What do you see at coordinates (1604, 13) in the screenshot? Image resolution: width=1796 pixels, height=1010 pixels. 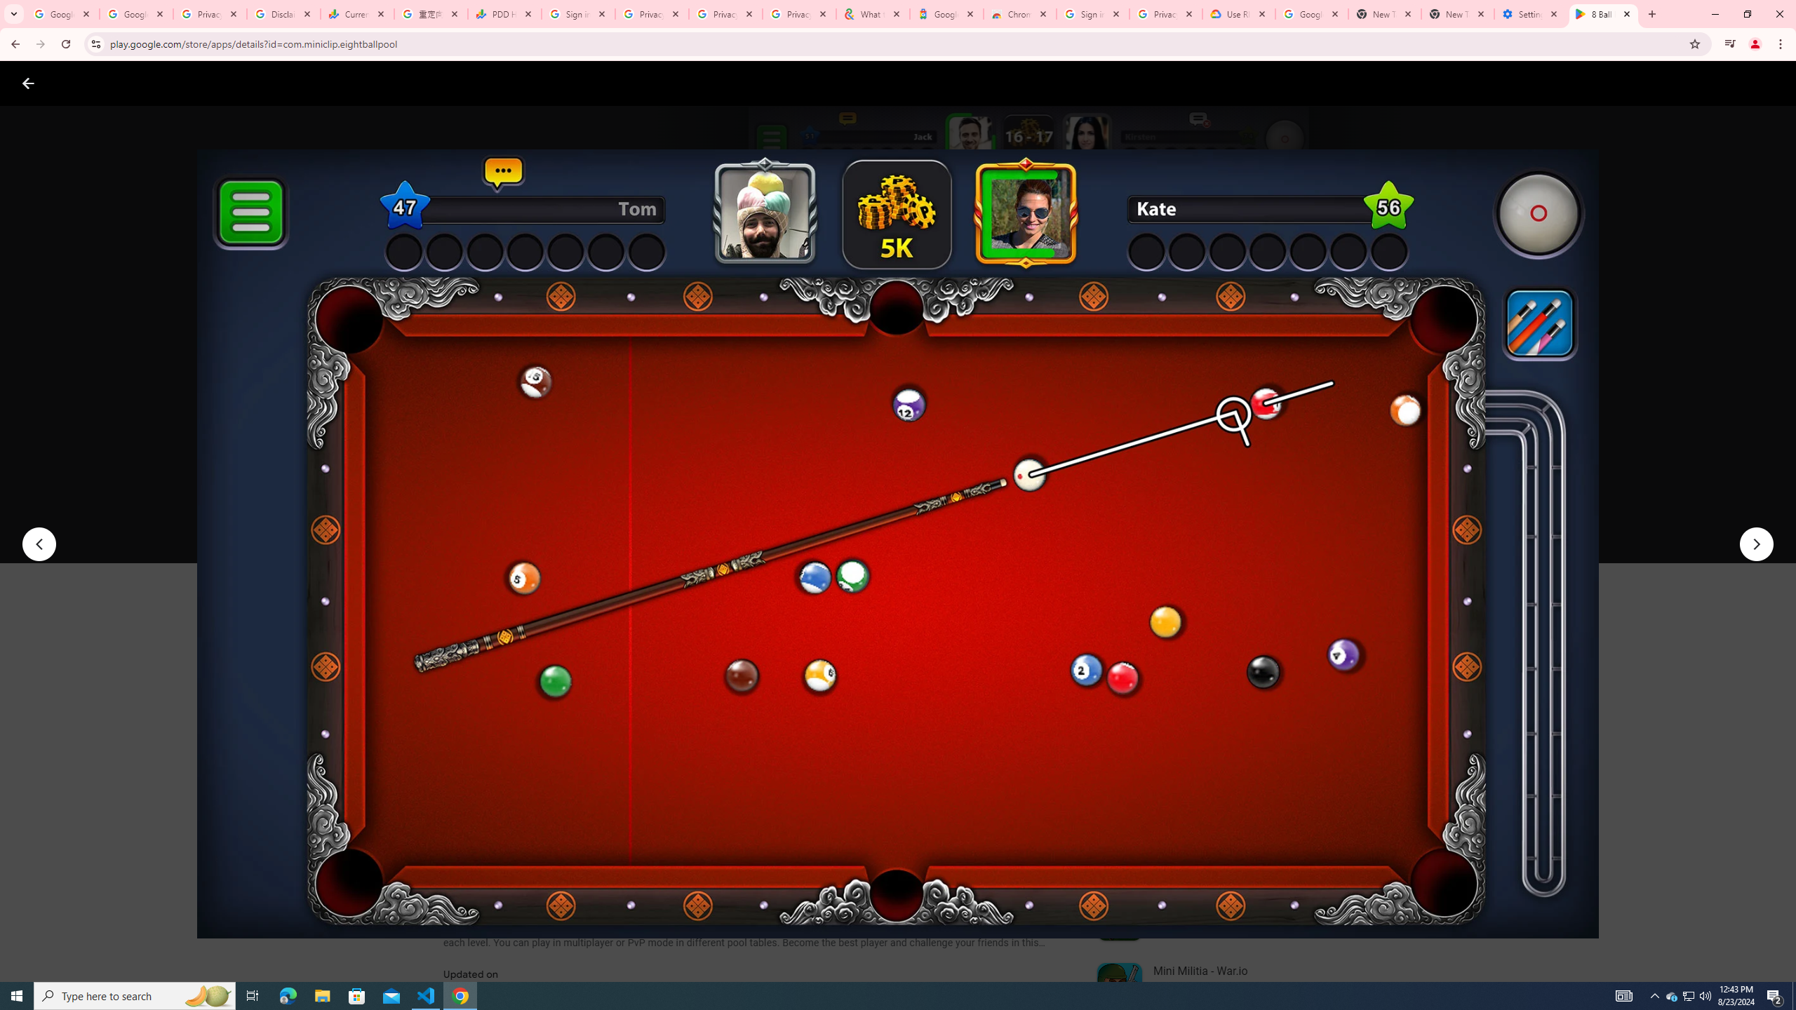 I see `'8 Ball Pool - Apps on Google Play'` at bounding box center [1604, 13].